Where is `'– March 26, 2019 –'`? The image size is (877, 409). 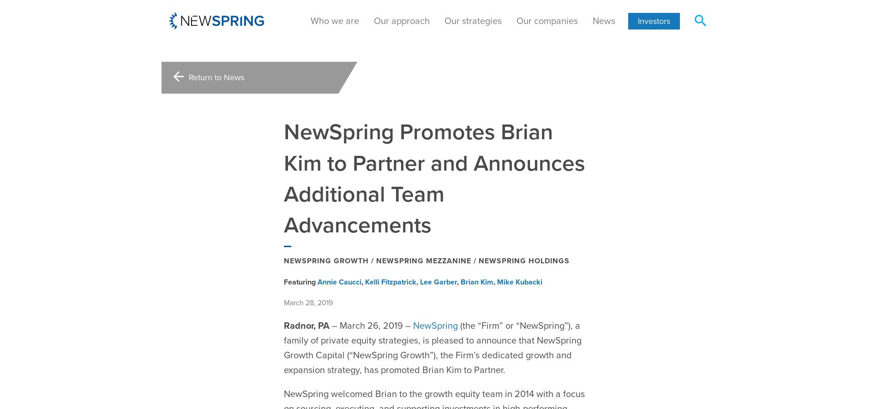 '– March 26, 2019 –' is located at coordinates (371, 302).